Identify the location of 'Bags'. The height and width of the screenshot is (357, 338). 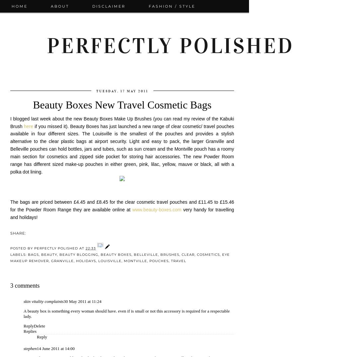
(33, 254).